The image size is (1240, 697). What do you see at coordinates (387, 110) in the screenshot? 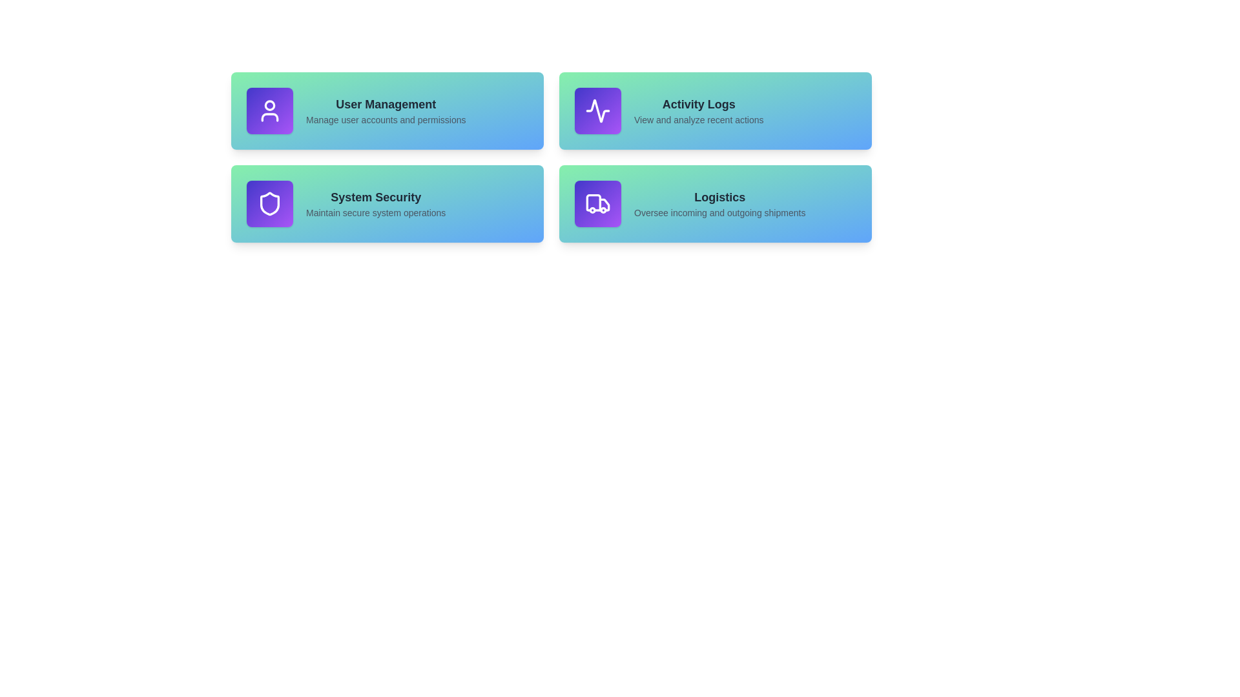
I see `the User Management section to explore its functionality` at bounding box center [387, 110].